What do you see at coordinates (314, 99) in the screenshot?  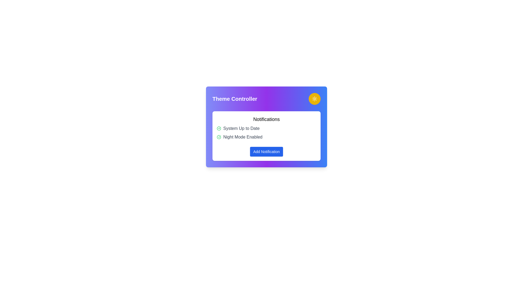 I see `the Circular button with a sun icon in the Theme Controller` at bounding box center [314, 99].